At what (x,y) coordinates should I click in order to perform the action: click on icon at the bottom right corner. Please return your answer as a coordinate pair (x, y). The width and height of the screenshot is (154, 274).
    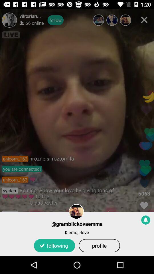
    Looking at the image, I should click on (146, 219).